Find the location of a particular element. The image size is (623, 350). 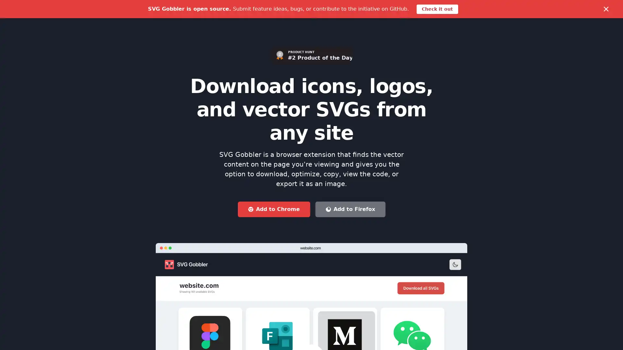

Close banner is located at coordinates (605, 9).